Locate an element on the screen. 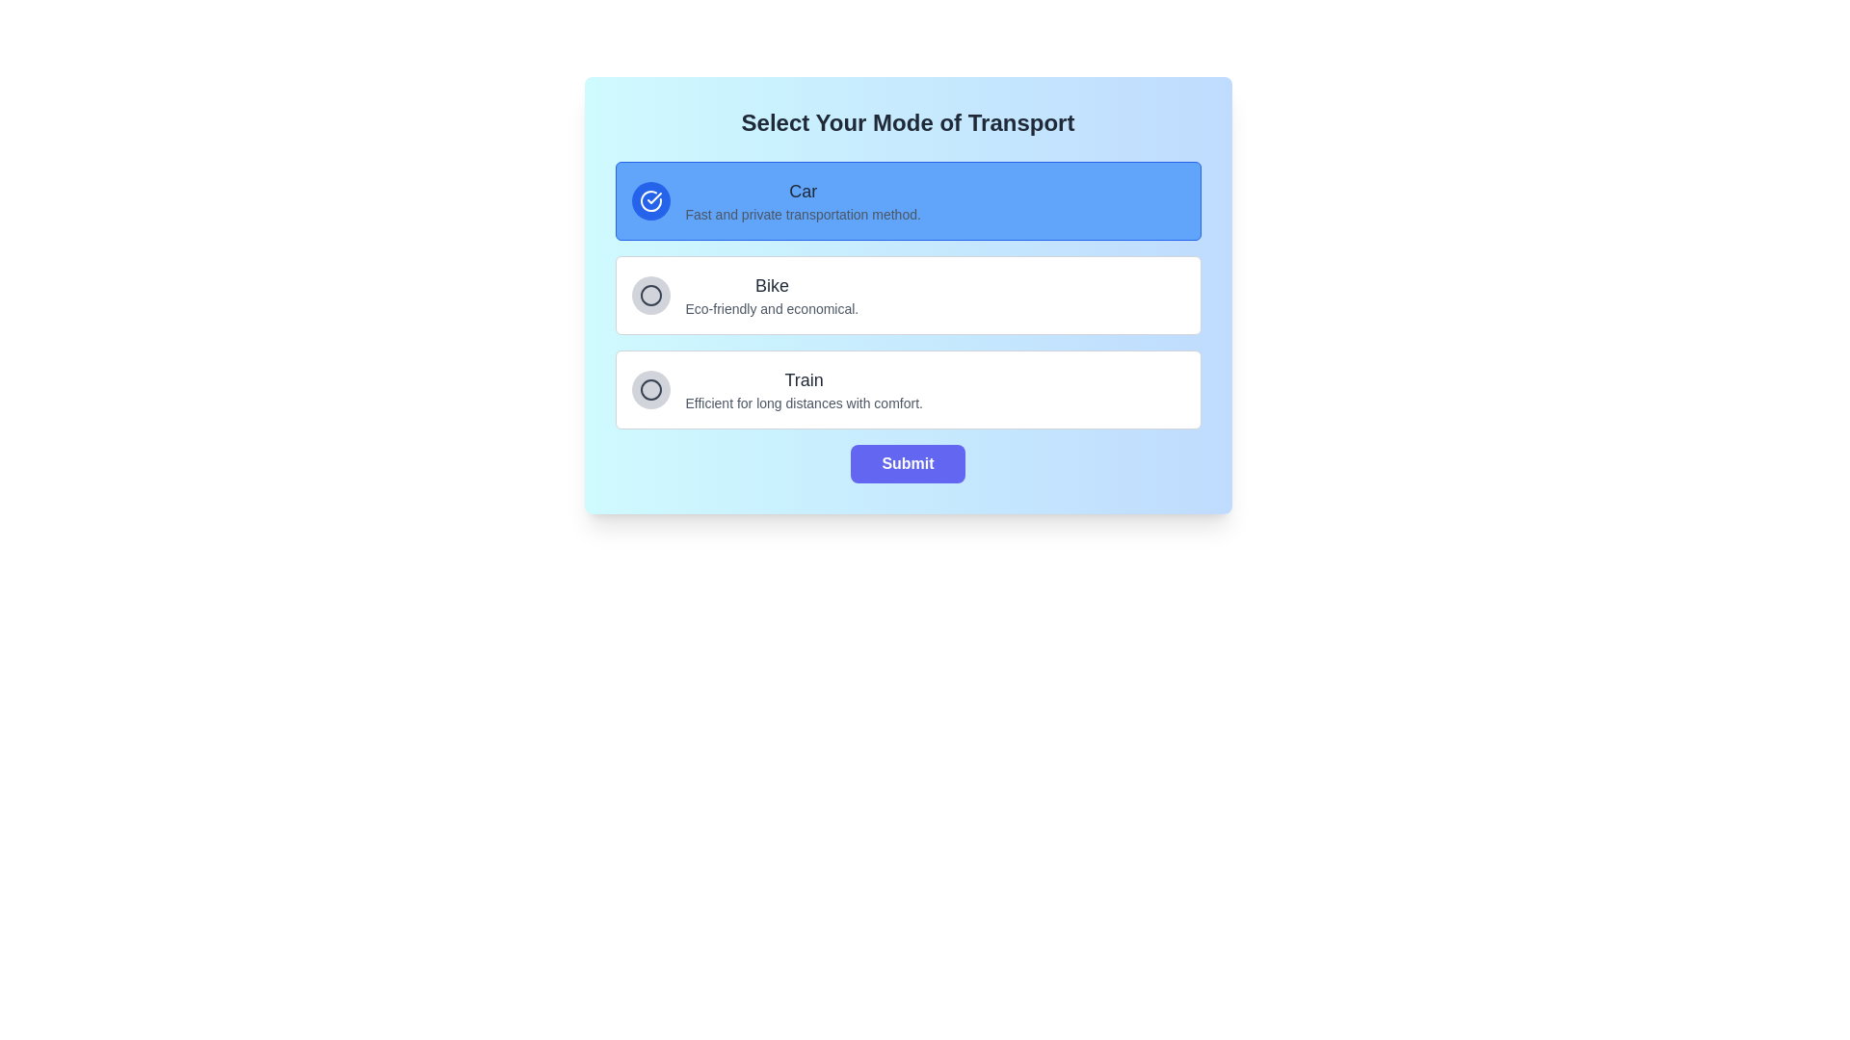  the submit button located below the options labeled 'Car,' 'Bike,' and 'Train' is located at coordinates (907, 464).